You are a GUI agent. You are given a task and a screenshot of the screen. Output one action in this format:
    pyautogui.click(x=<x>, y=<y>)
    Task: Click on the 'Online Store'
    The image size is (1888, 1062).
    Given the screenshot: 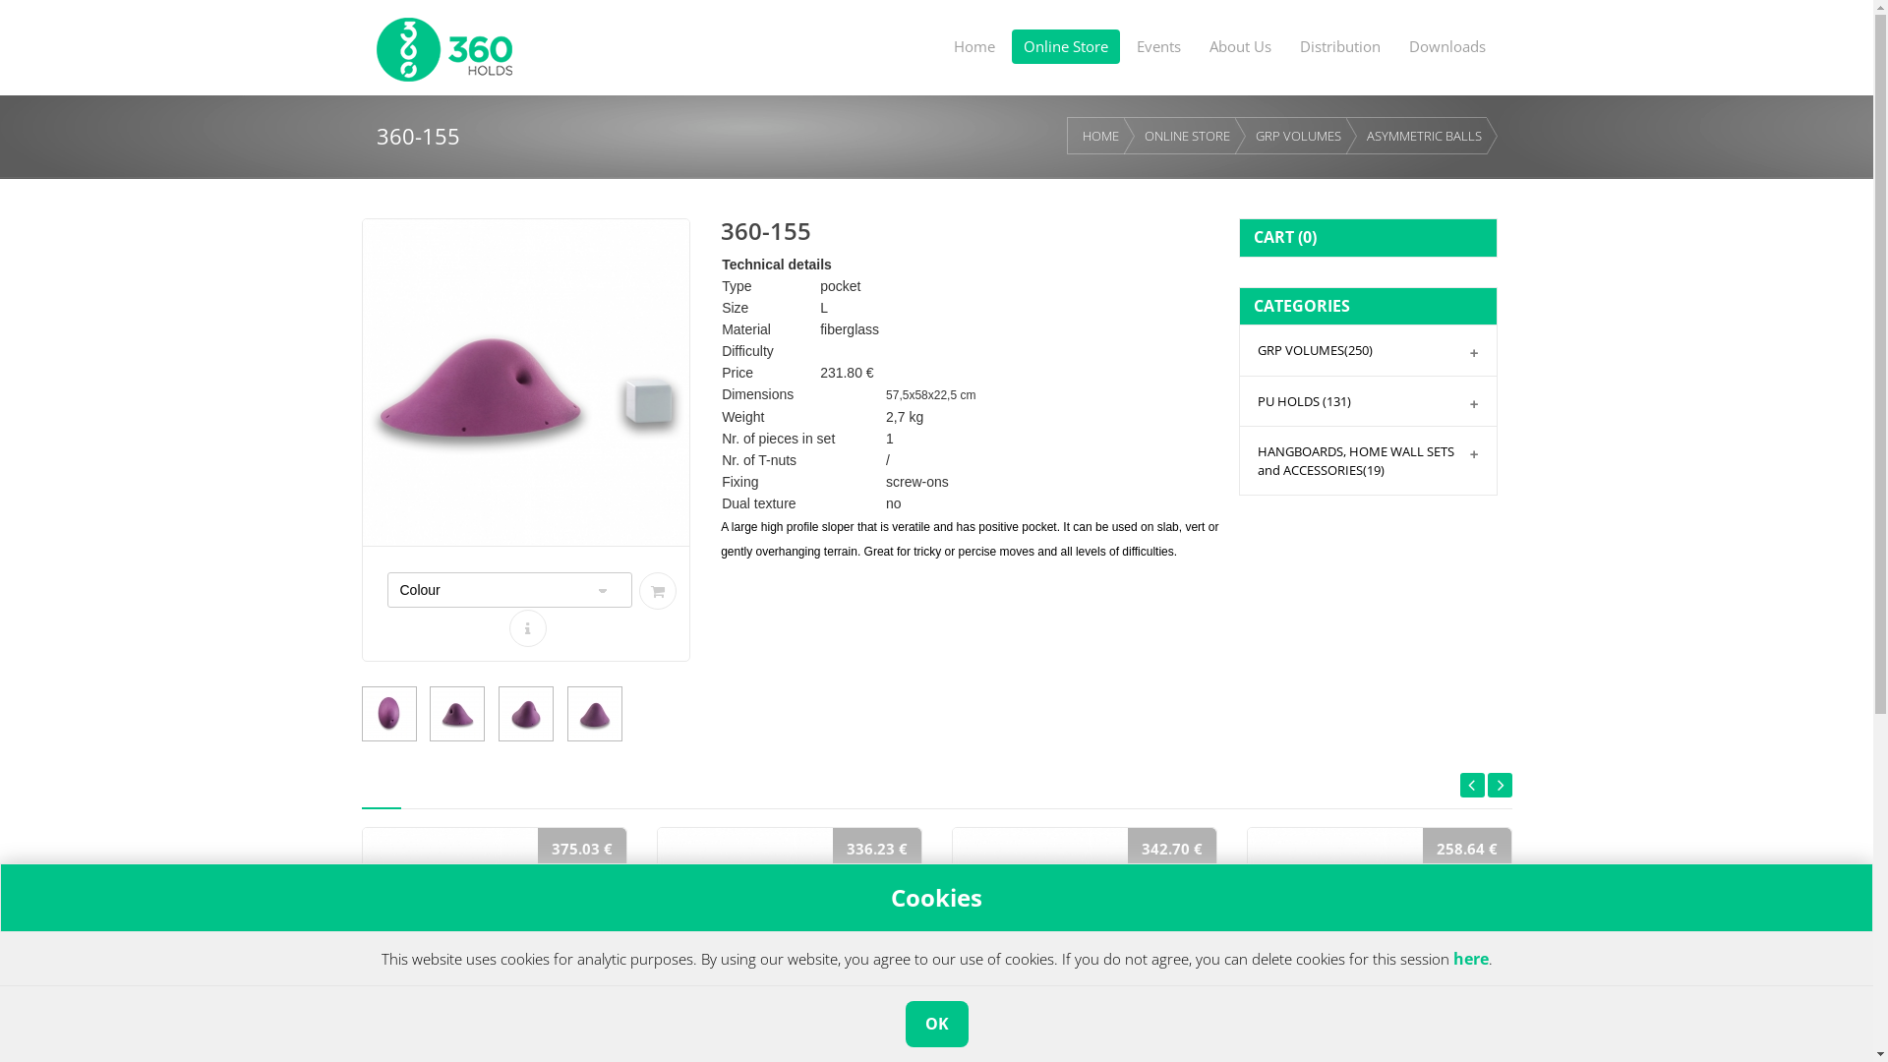 What is the action you would take?
    pyautogui.click(x=1064, y=45)
    